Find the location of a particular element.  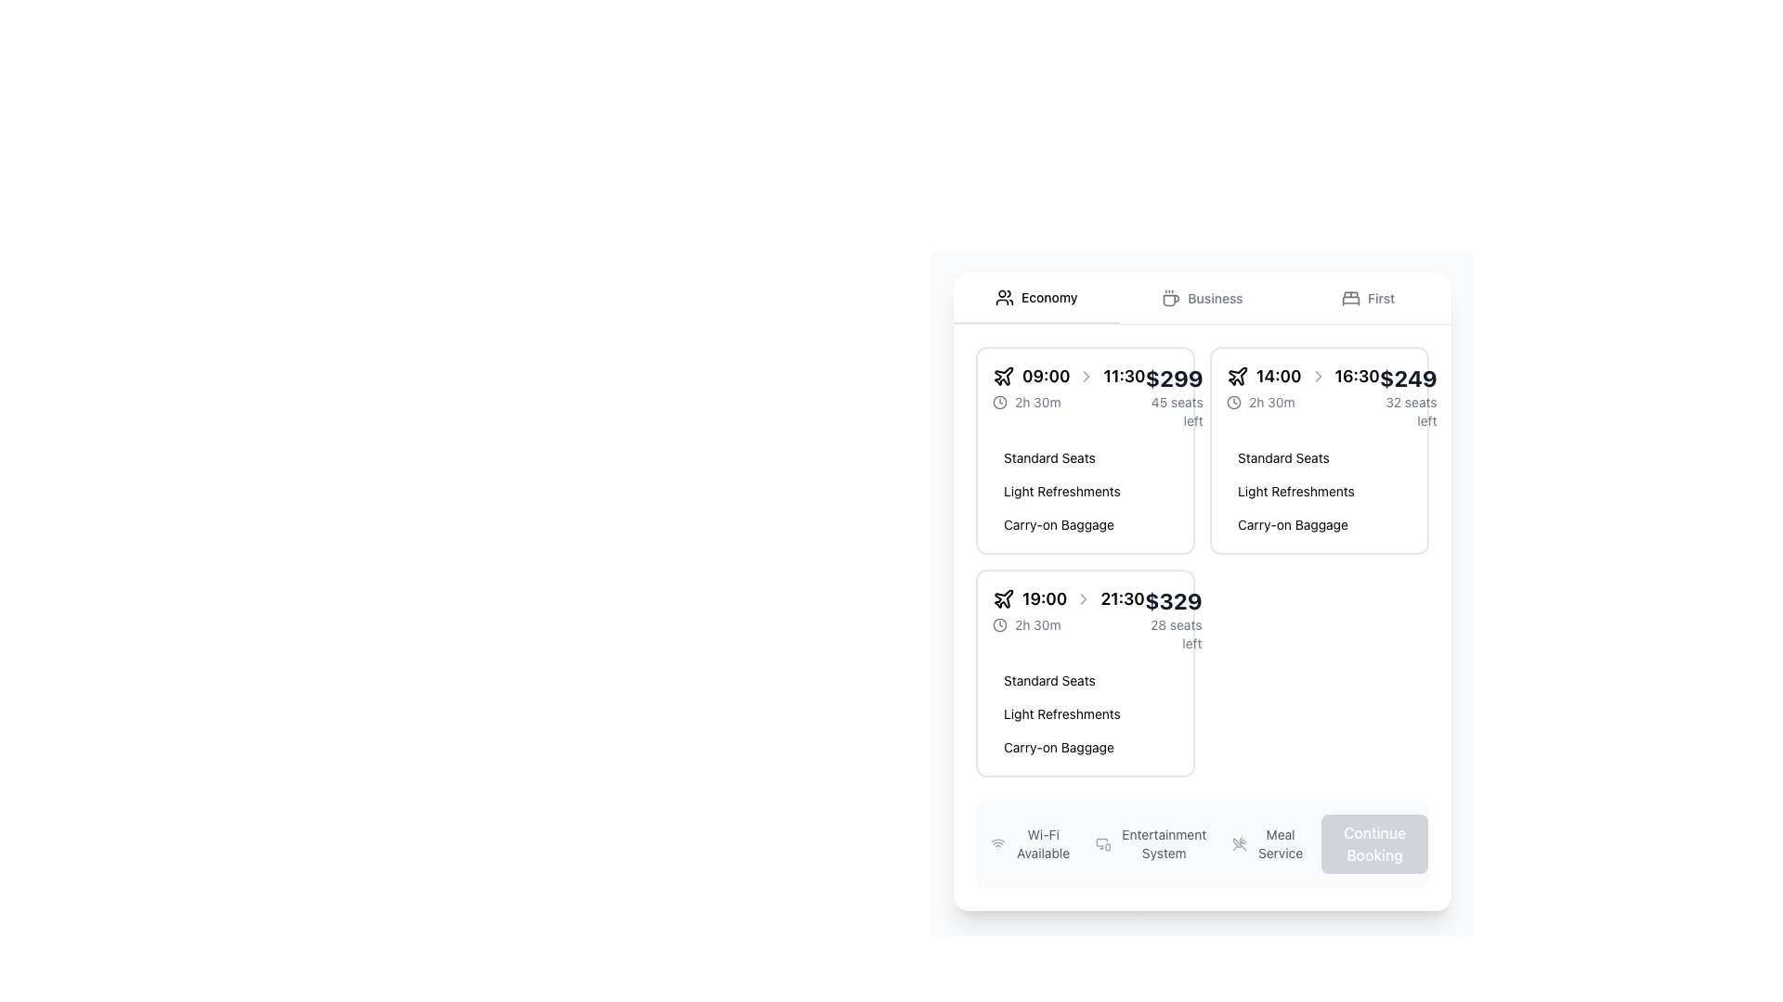

the Wi-Fi Available label with icon, which is the first option in a horizontal group at the bottom of the interface is located at coordinates (1031, 844).